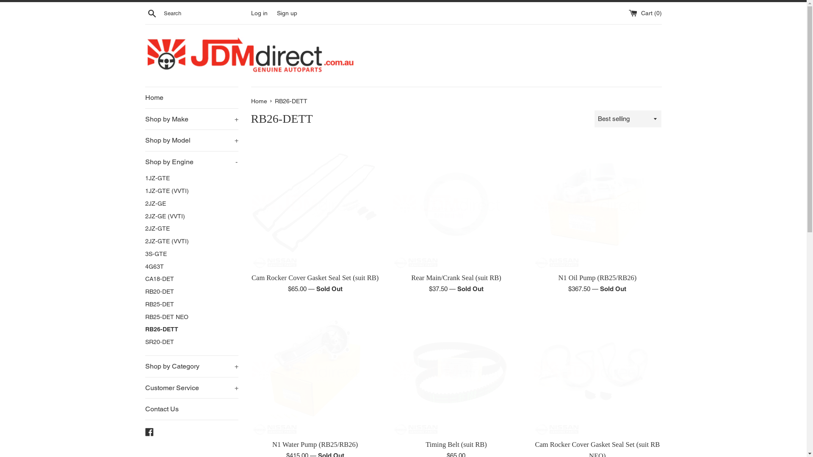  I want to click on 'N1 Oil Pump (RB25/RB26)', so click(597, 204).